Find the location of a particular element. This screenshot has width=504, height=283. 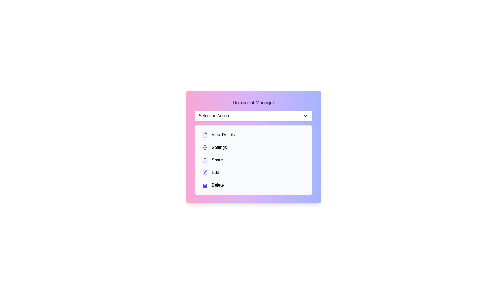

the document file icon representing the 'View Details' option in the menu, located on the left-hand side among other icons is located at coordinates (204, 135).